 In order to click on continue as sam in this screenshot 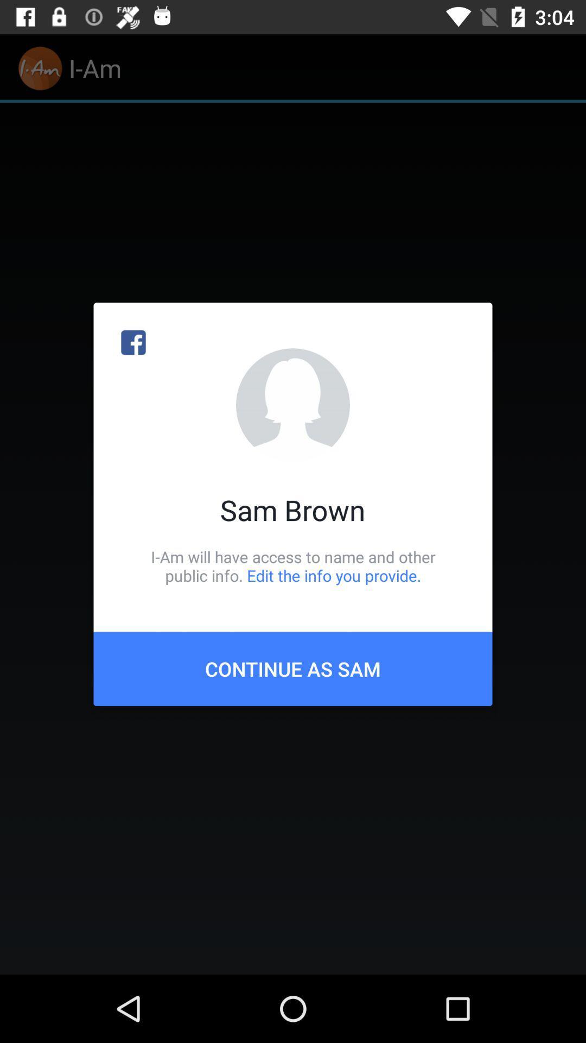, I will do `click(293, 668)`.